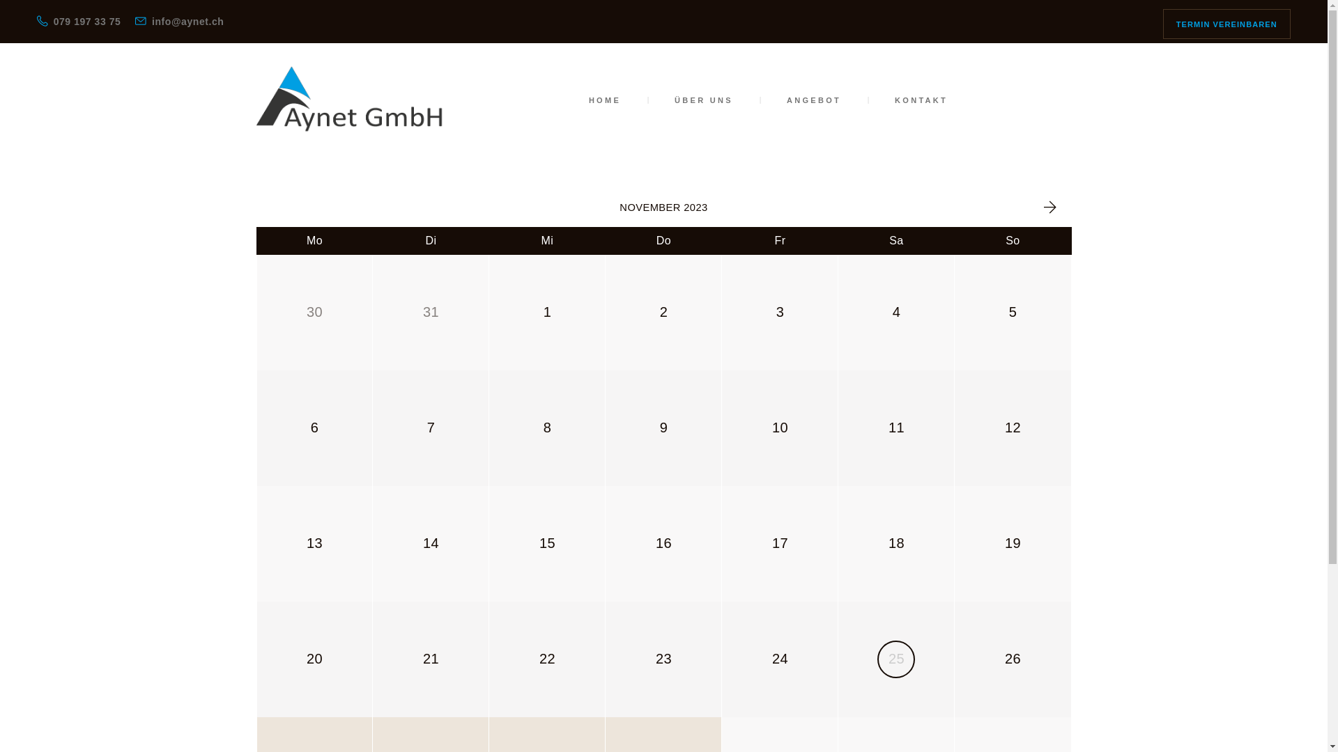 This screenshot has width=1338, height=752. Describe the element at coordinates (1225, 24) in the screenshot. I see `'TERMIN VEREINBAREN'` at that location.